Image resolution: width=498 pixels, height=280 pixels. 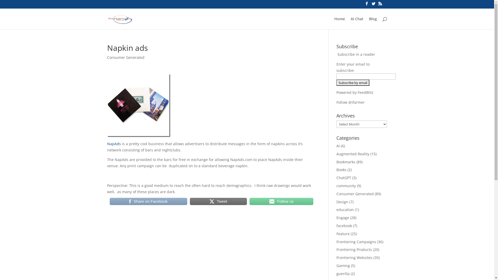 What do you see at coordinates (344, 225) in the screenshot?
I see `'facebook'` at bounding box center [344, 225].